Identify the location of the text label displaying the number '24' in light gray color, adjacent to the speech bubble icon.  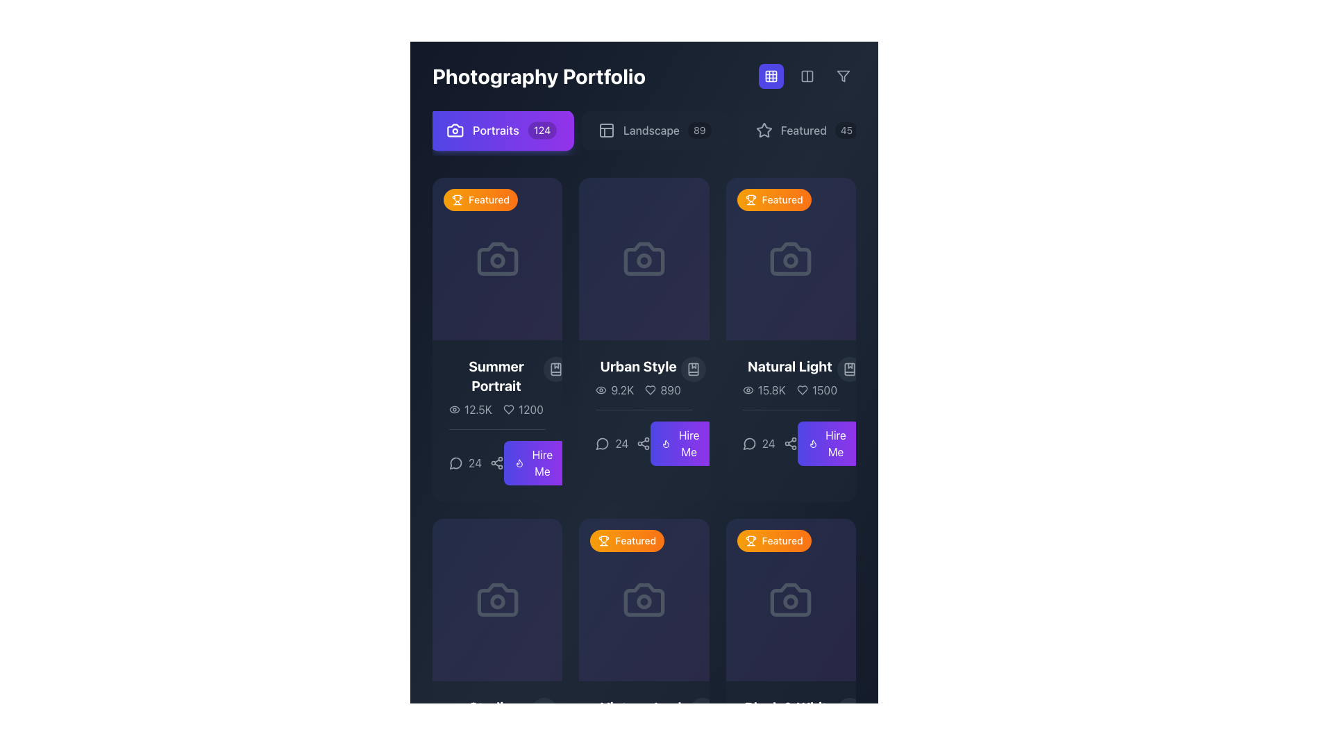
(465, 463).